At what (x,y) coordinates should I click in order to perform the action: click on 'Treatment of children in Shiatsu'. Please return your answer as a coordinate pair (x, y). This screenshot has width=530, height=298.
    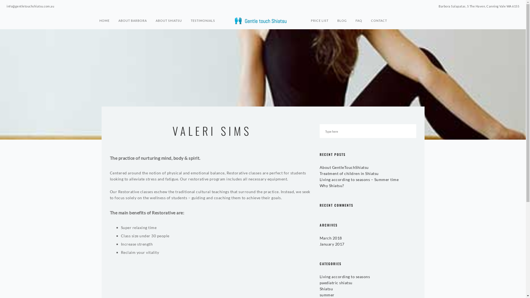
    Looking at the image, I should click on (349, 173).